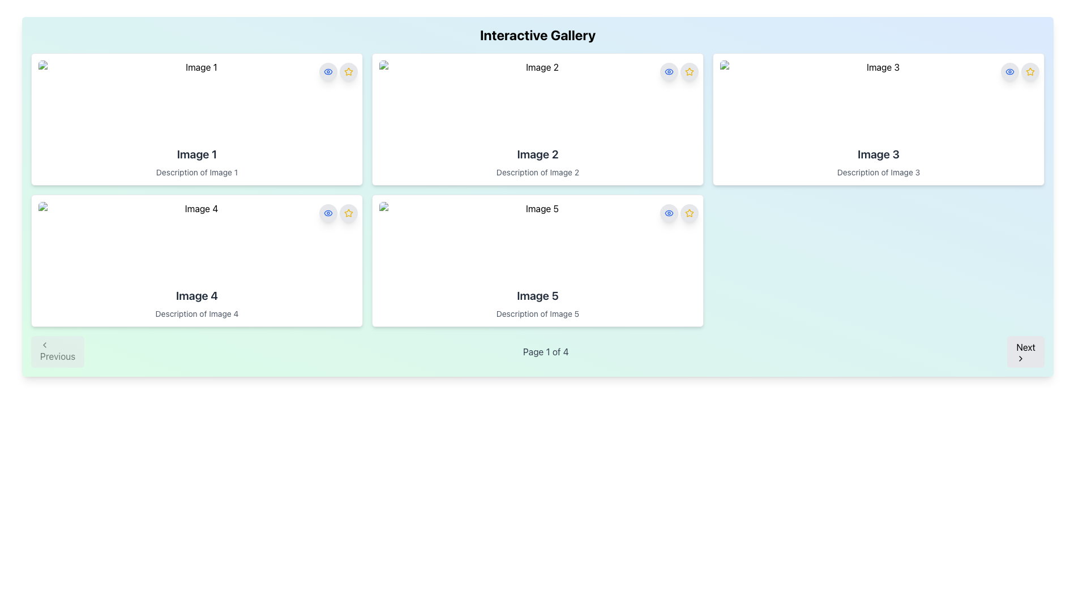 Image resolution: width=1087 pixels, height=611 pixels. I want to click on the second interactive icon to the right of the image labeled 'Image 2', which serves as a favorite or highlight marker, so click(689, 72).